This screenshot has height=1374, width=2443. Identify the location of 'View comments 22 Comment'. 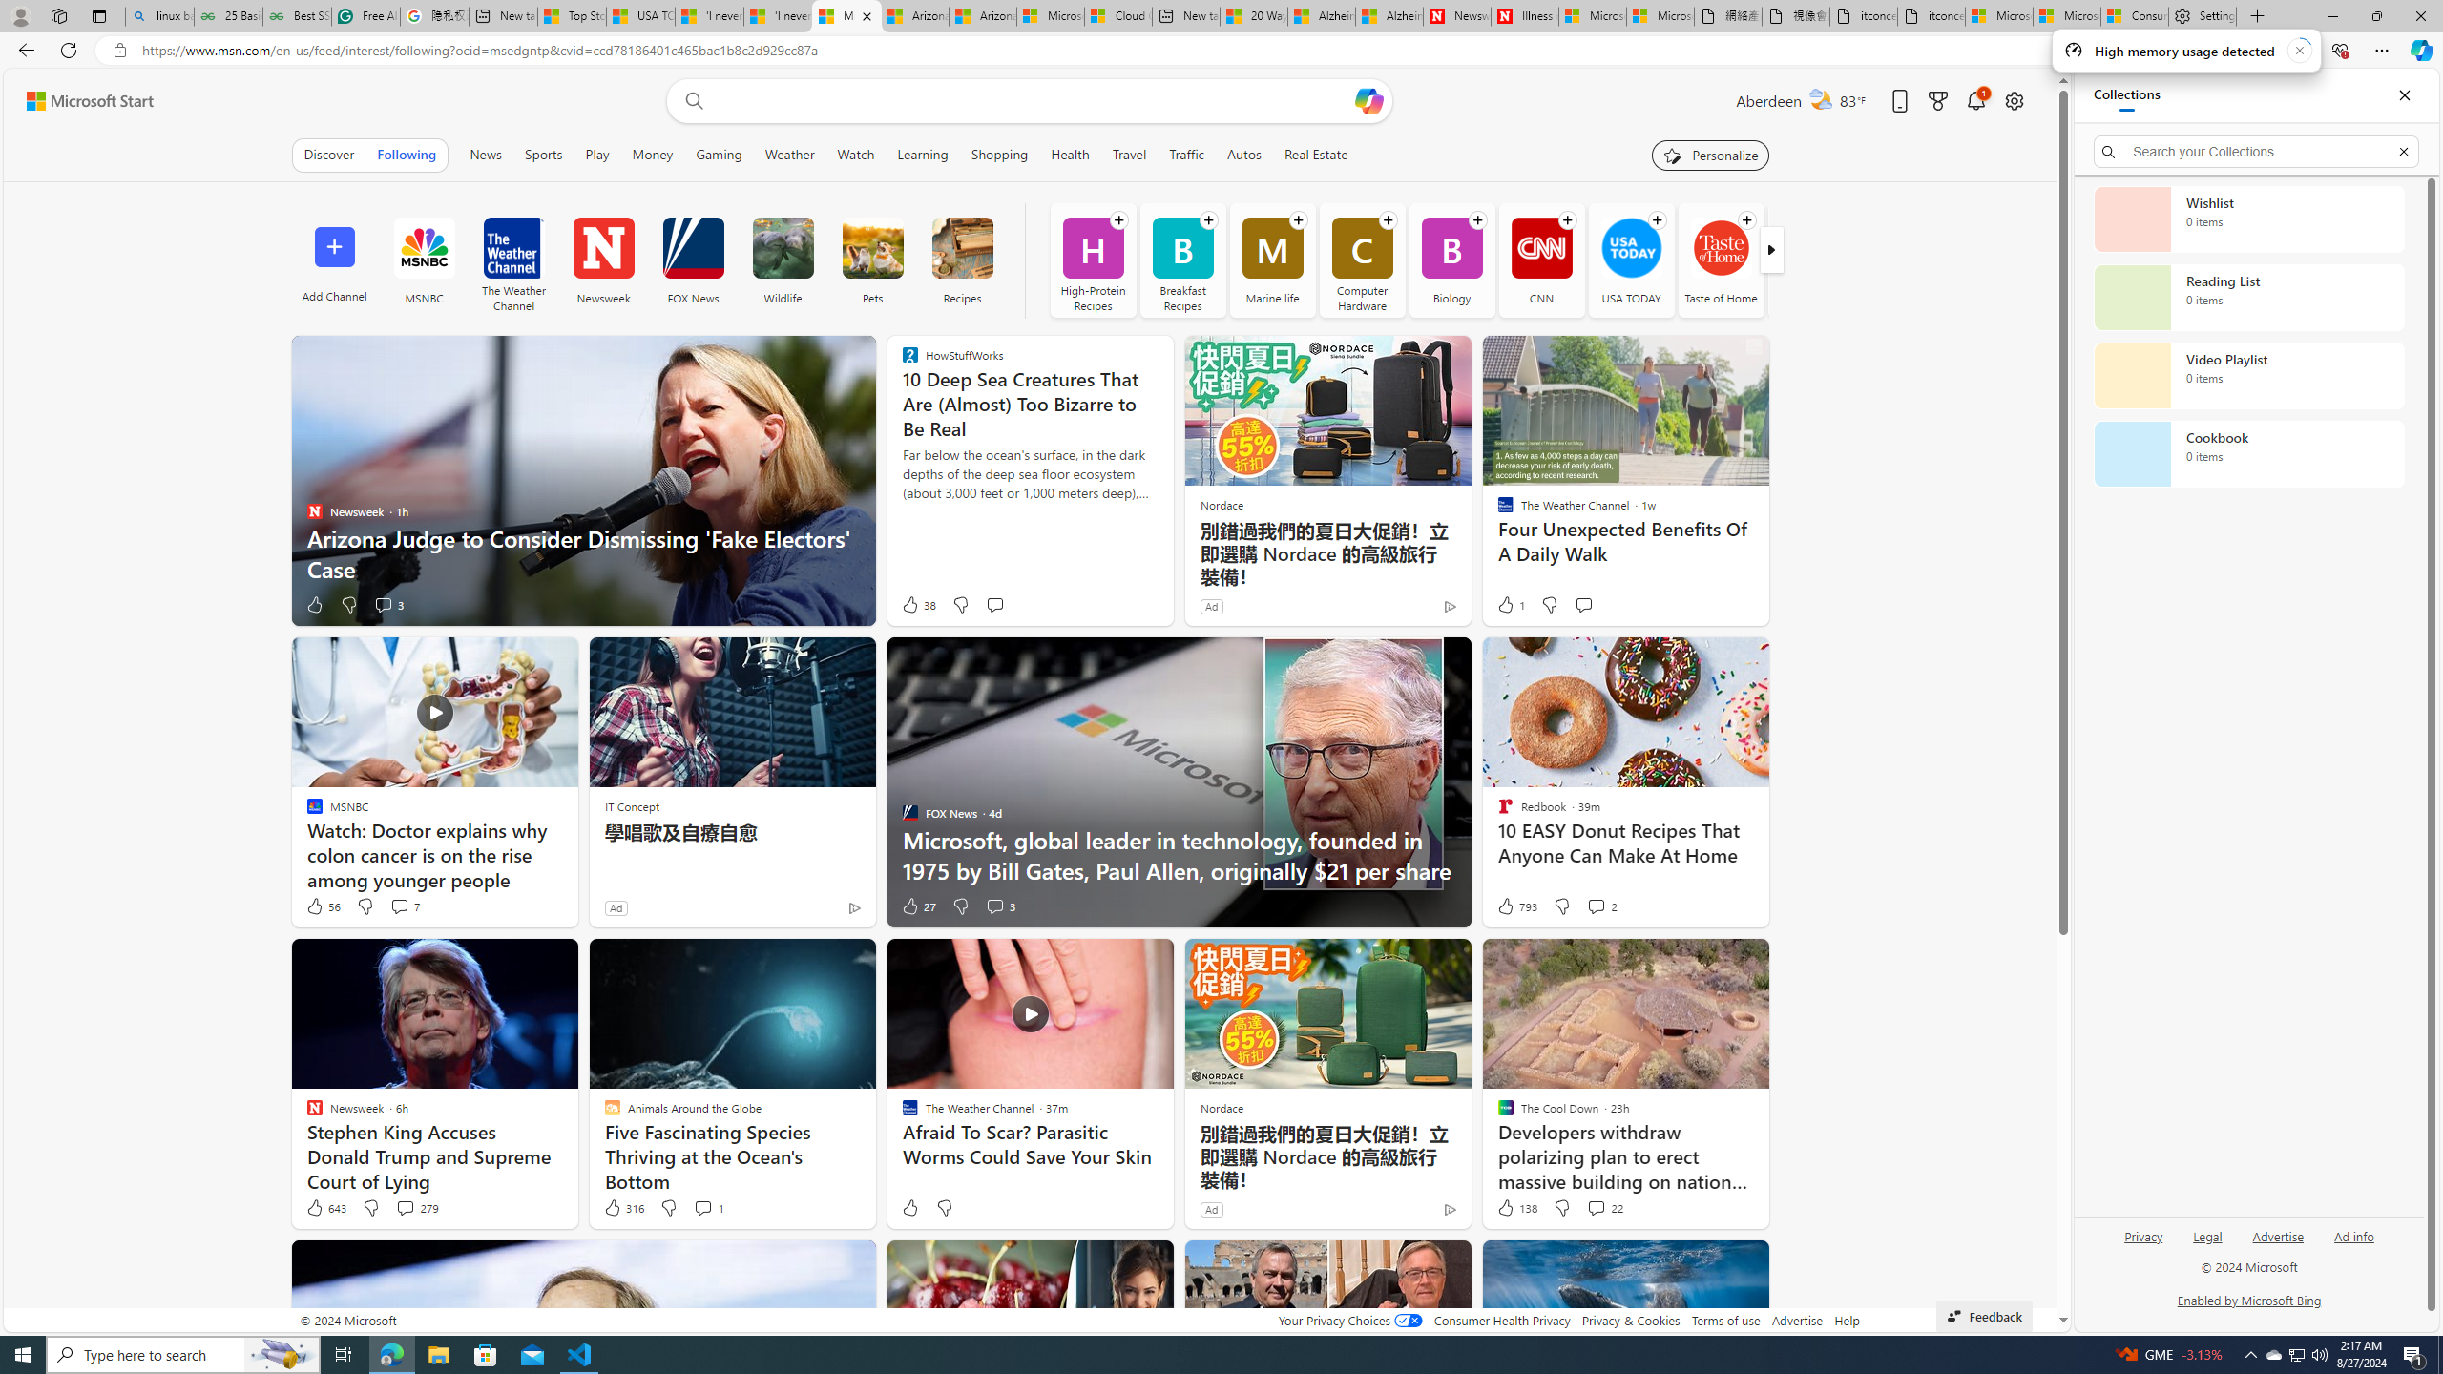
(1603, 1206).